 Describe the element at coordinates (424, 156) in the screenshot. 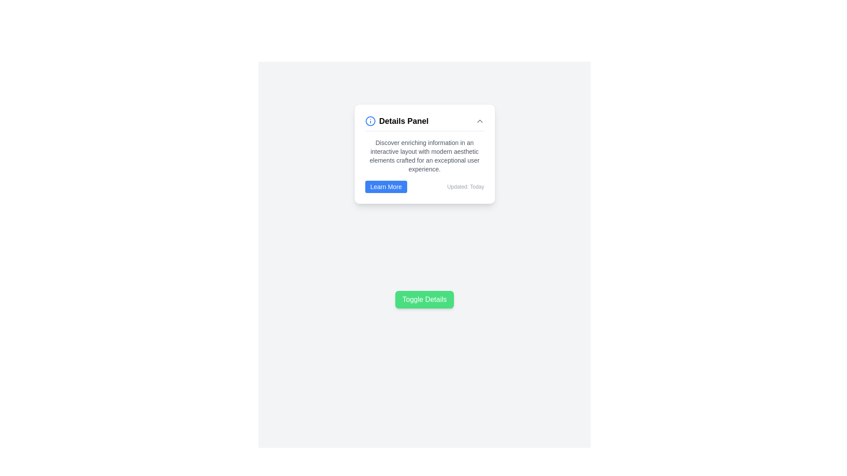

I see `the descriptive text element within the 'Details Panel' that provides information about features and design principles` at that location.